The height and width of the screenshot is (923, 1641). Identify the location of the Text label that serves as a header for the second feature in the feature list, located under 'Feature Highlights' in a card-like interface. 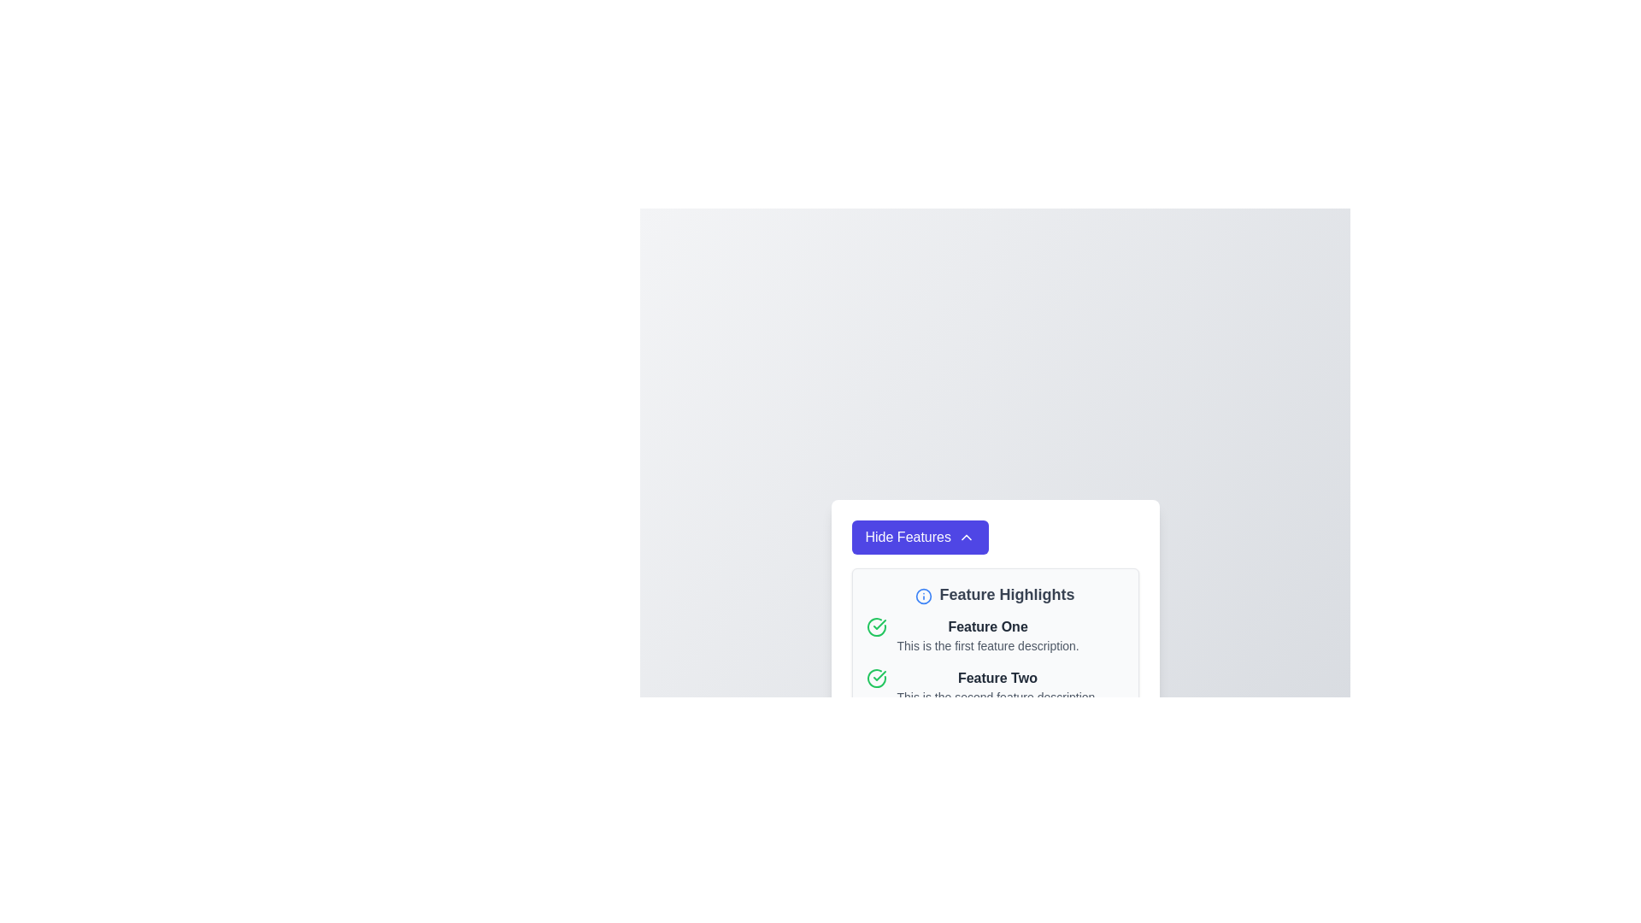
(997, 678).